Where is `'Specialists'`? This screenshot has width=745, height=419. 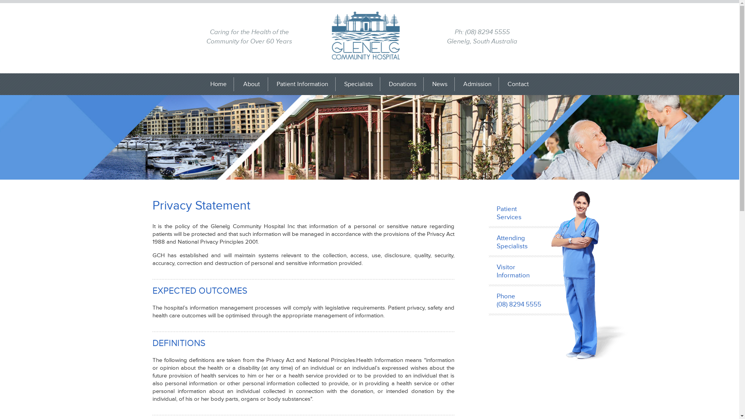 'Specialists' is located at coordinates (337, 84).